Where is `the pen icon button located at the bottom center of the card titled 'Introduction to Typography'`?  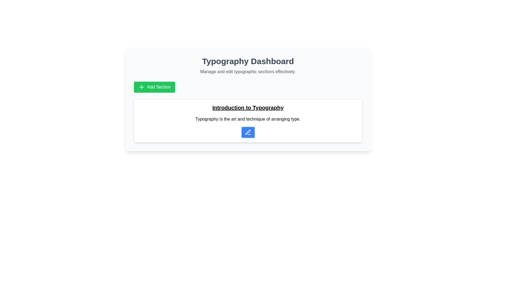 the pen icon button located at the bottom center of the card titled 'Introduction to Typography' is located at coordinates (248, 132).